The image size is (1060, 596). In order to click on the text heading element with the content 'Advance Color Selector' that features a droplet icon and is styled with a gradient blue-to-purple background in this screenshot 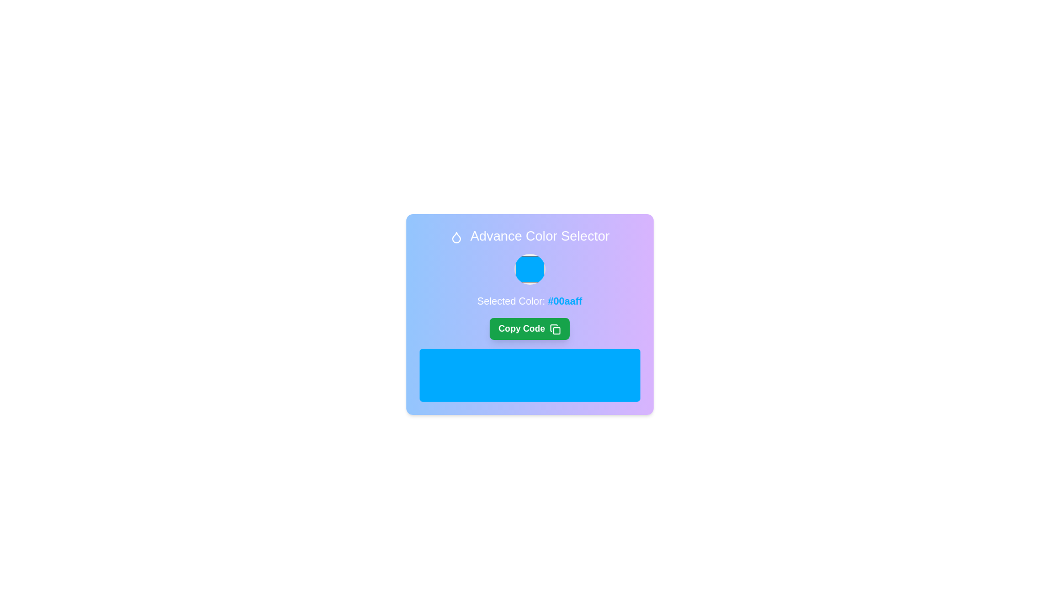, I will do `click(529, 236)`.